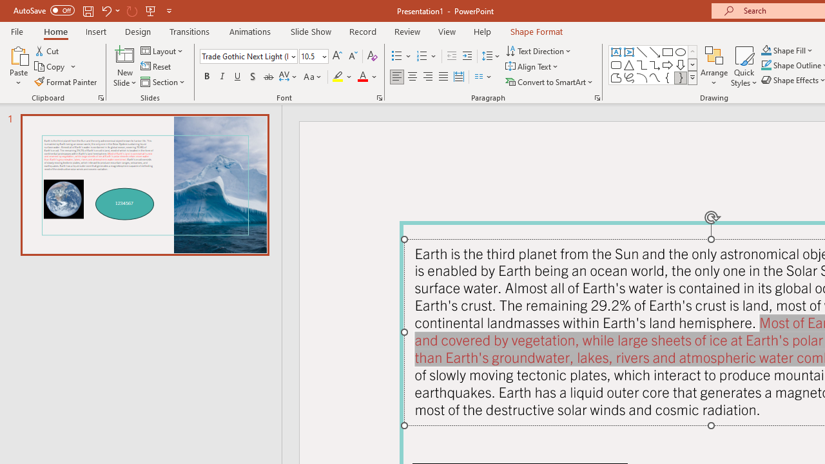 This screenshot has height=464, width=825. I want to click on 'Curve', so click(655, 77).